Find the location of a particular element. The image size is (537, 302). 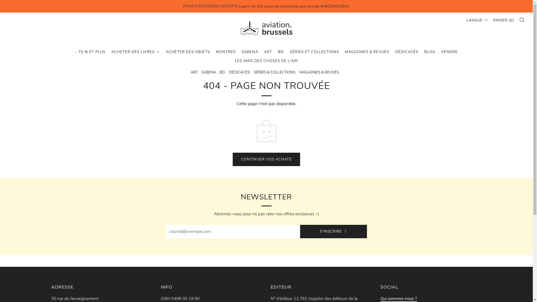

'MONTRES' is located at coordinates (226, 52).